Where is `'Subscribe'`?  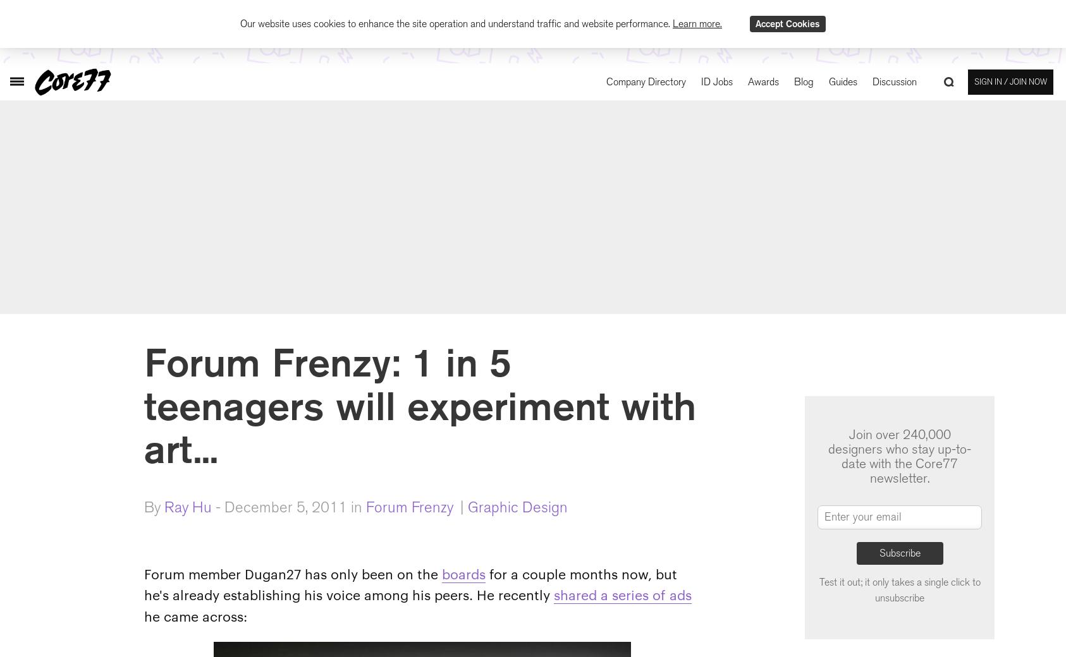
'Subscribe' is located at coordinates (898, 552).